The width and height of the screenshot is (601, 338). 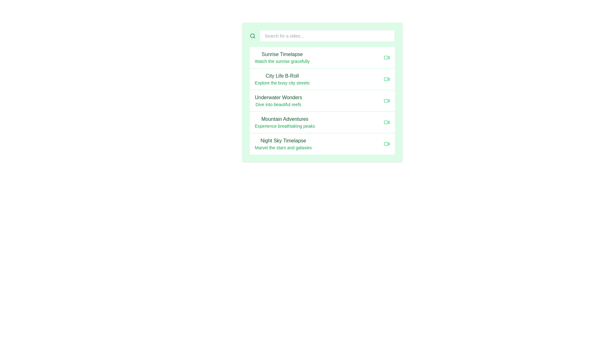 What do you see at coordinates (322, 79) in the screenshot?
I see `the List item titled 'City Life B-Roll' which displays a bold dark green title and a light green description, located in the second position of the list` at bounding box center [322, 79].